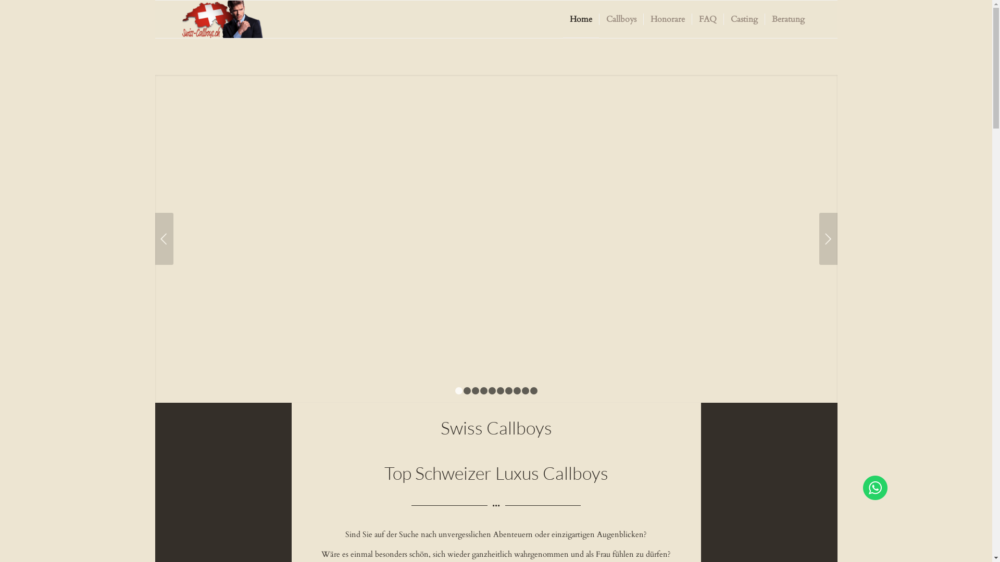  What do you see at coordinates (467, 391) in the screenshot?
I see `'2'` at bounding box center [467, 391].